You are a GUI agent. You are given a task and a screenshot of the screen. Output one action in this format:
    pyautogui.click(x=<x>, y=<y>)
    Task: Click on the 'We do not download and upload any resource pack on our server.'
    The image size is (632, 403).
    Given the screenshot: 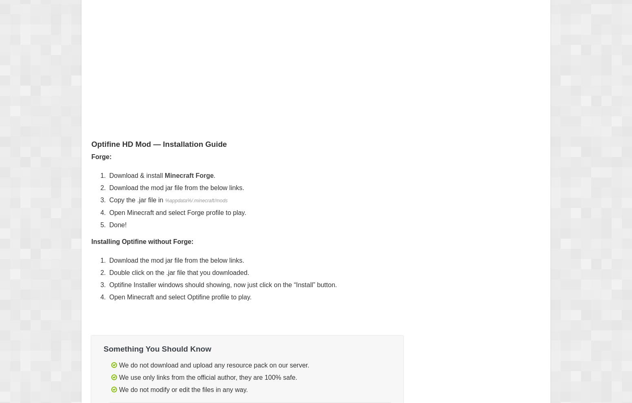 What is the action you would take?
    pyautogui.click(x=213, y=365)
    